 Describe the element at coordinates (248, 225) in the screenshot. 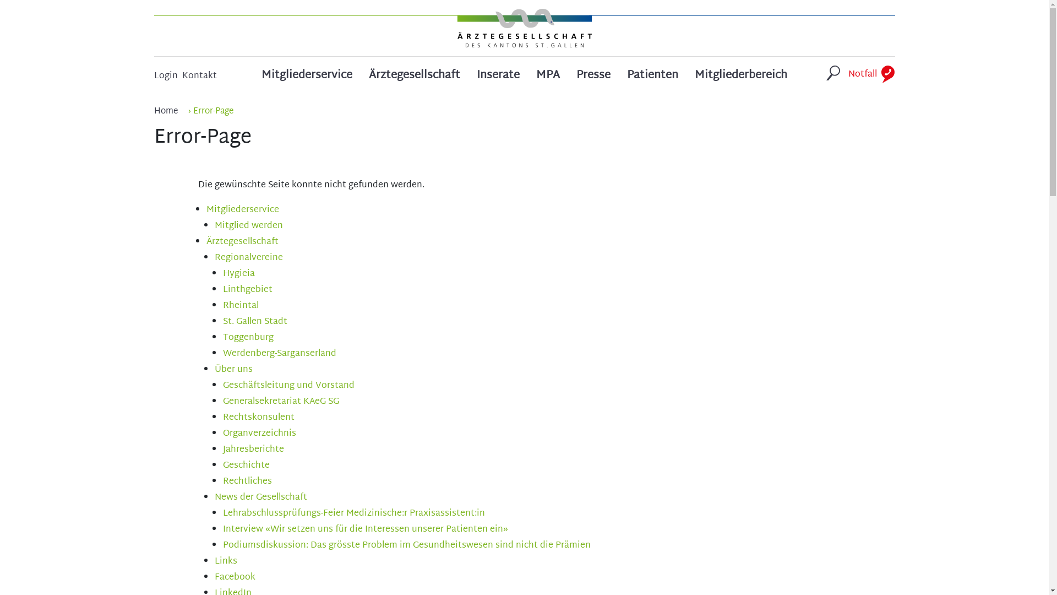

I see `'Mitglied werden'` at that location.